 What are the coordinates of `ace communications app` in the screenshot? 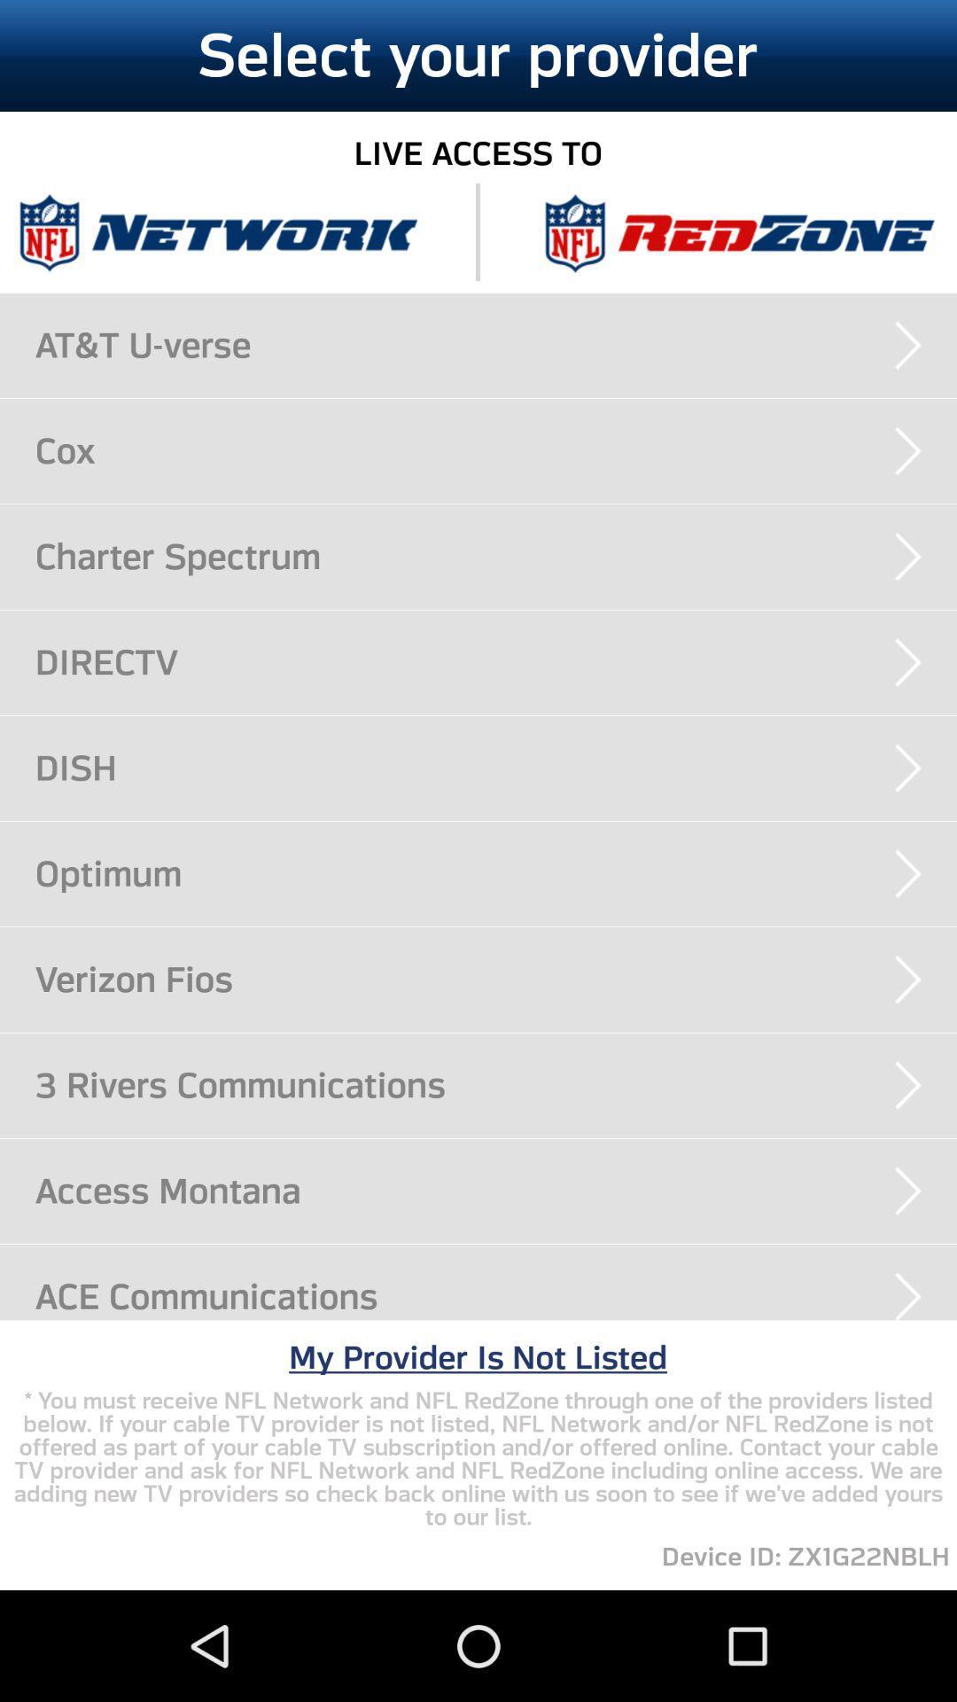 It's located at (495, 1296).